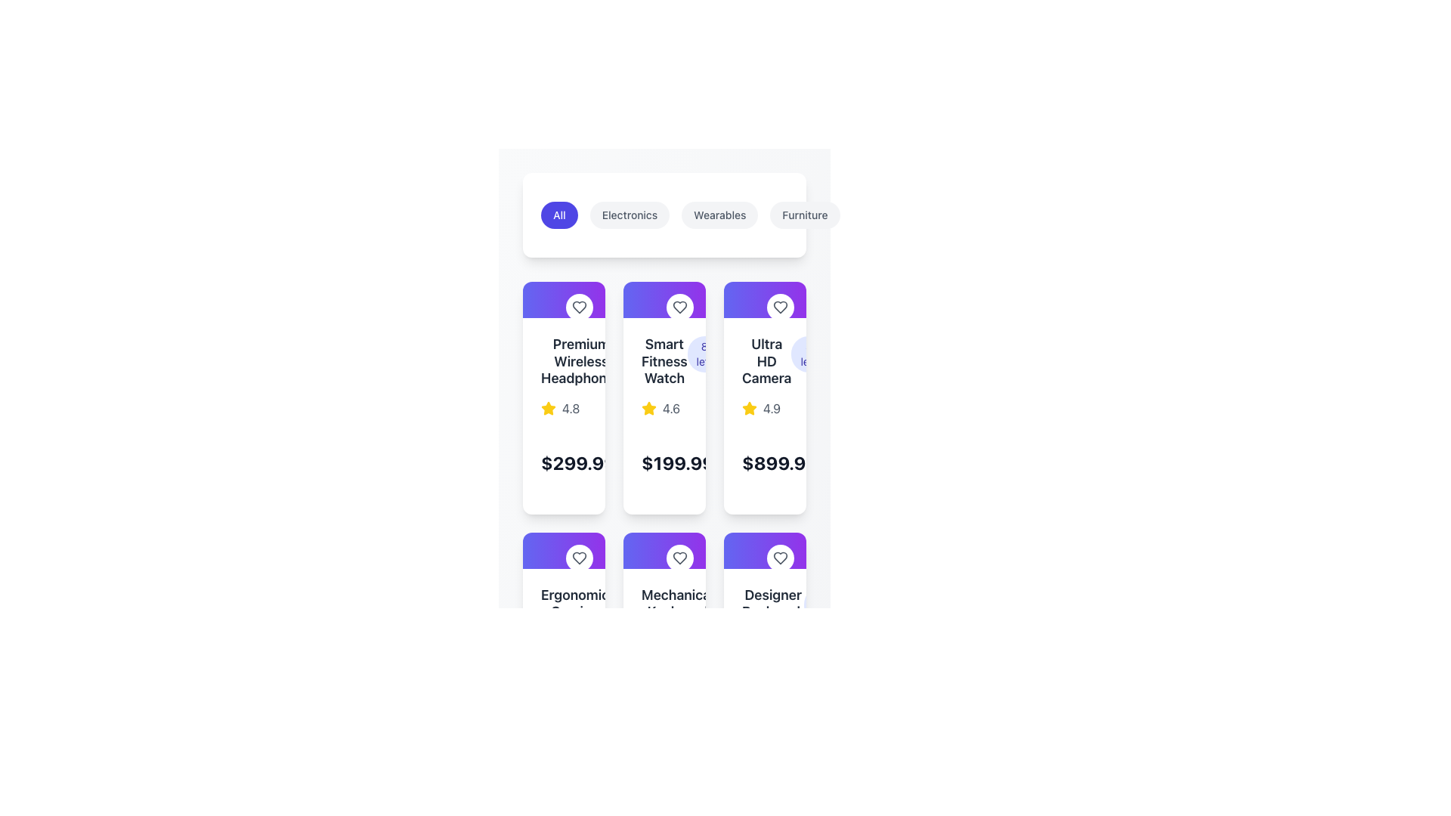 This screenshot has width=1451, height=816. Describe the element at coordinates (563, 361) in the screenshot. I see `on the text element displaying 'Premium Wireless Headphones' and the indicator '15 left'` at that location.